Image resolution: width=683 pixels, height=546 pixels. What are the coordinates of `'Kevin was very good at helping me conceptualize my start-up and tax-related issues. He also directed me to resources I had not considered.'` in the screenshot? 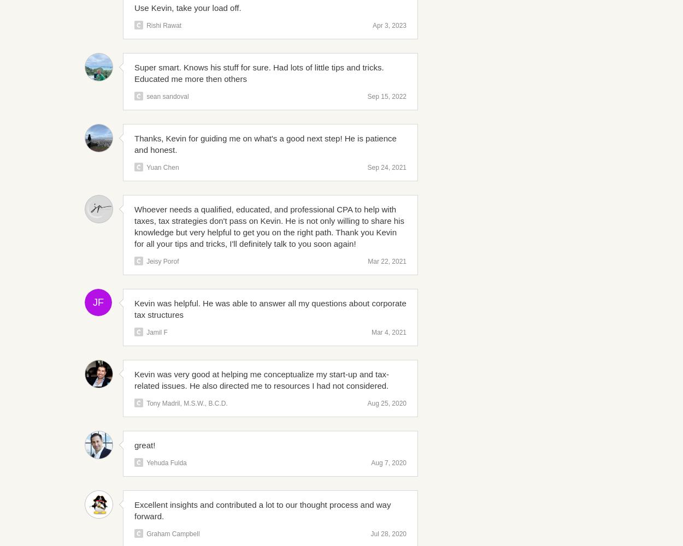 It's located at (261, 379).